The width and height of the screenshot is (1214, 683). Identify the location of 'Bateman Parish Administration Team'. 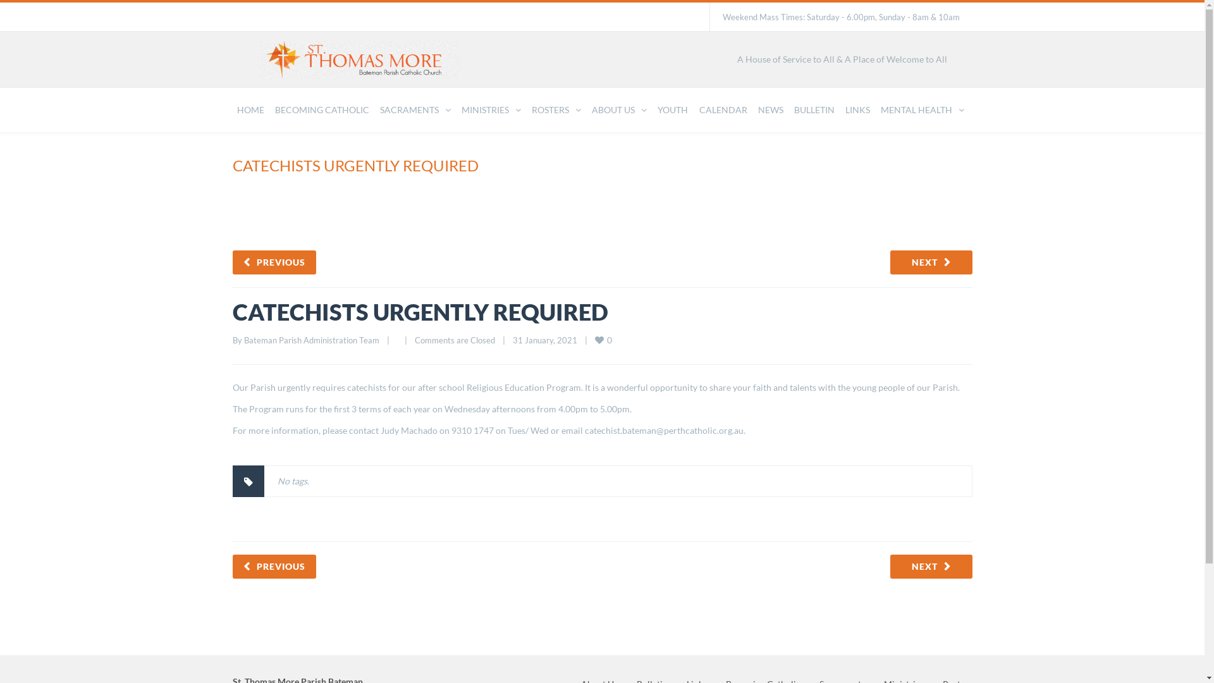
(312, 339).